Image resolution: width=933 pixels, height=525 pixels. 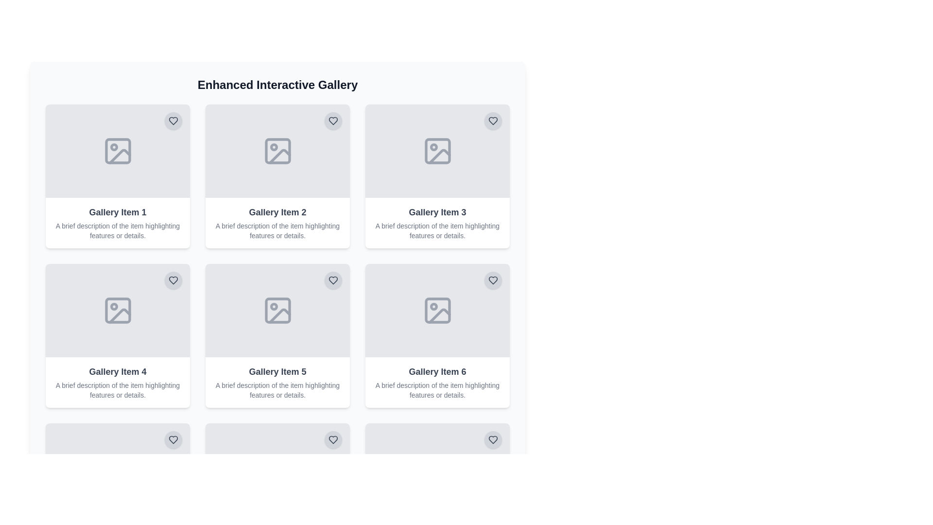 What do you see at coordinates (117, 230) in the screenshot?
I see `the text block located under 'Gallery Item 1' in the first card of the grid layout` at bounding box center [117, 230].